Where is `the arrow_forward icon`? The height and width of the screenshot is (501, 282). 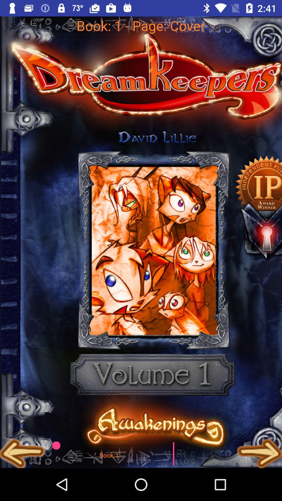 the arrow_forward icon is located at coordinates (259, 453).